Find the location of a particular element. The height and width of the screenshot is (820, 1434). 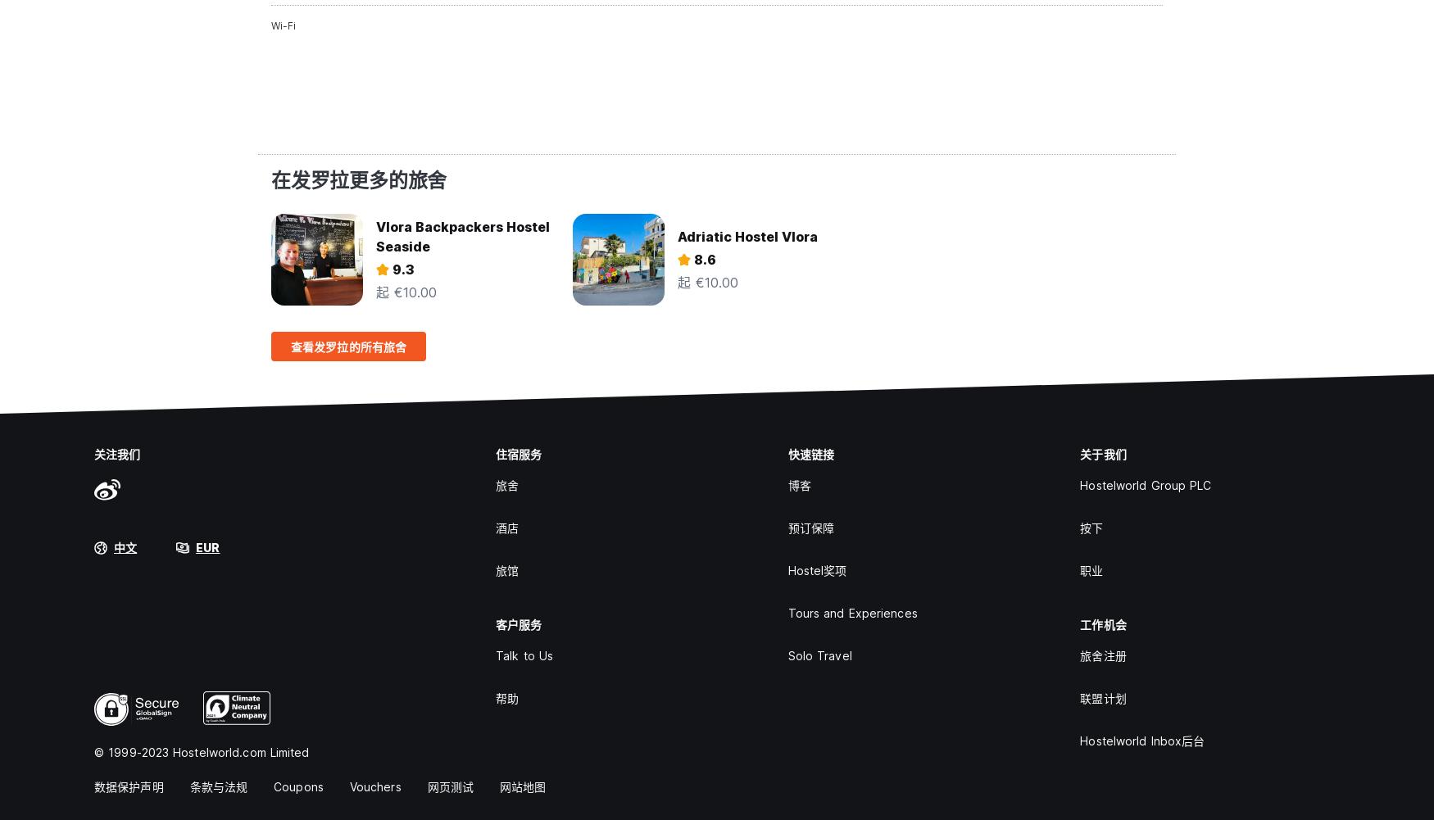

'© 1999-2023 Hostelworld.com Limited' is located at coordinates (202, 752).